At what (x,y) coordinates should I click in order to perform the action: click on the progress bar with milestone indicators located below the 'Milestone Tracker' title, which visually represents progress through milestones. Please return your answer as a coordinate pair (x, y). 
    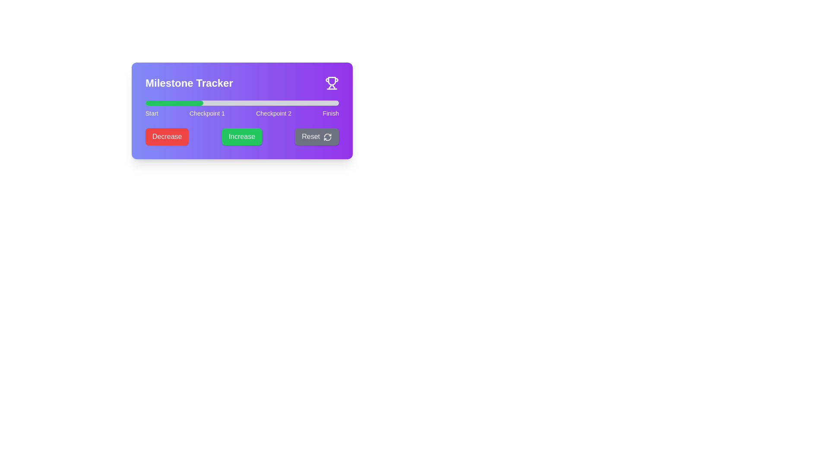
    Looking at the image, I should click on (242, 109).